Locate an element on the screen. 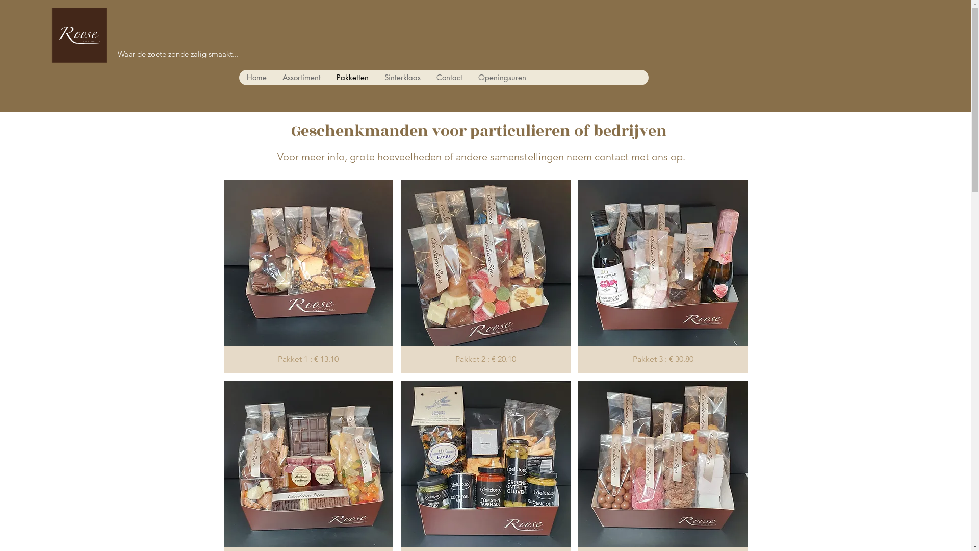 This screenshot has height=551, width=979. 'Home' is located at coordinates (256, 77).